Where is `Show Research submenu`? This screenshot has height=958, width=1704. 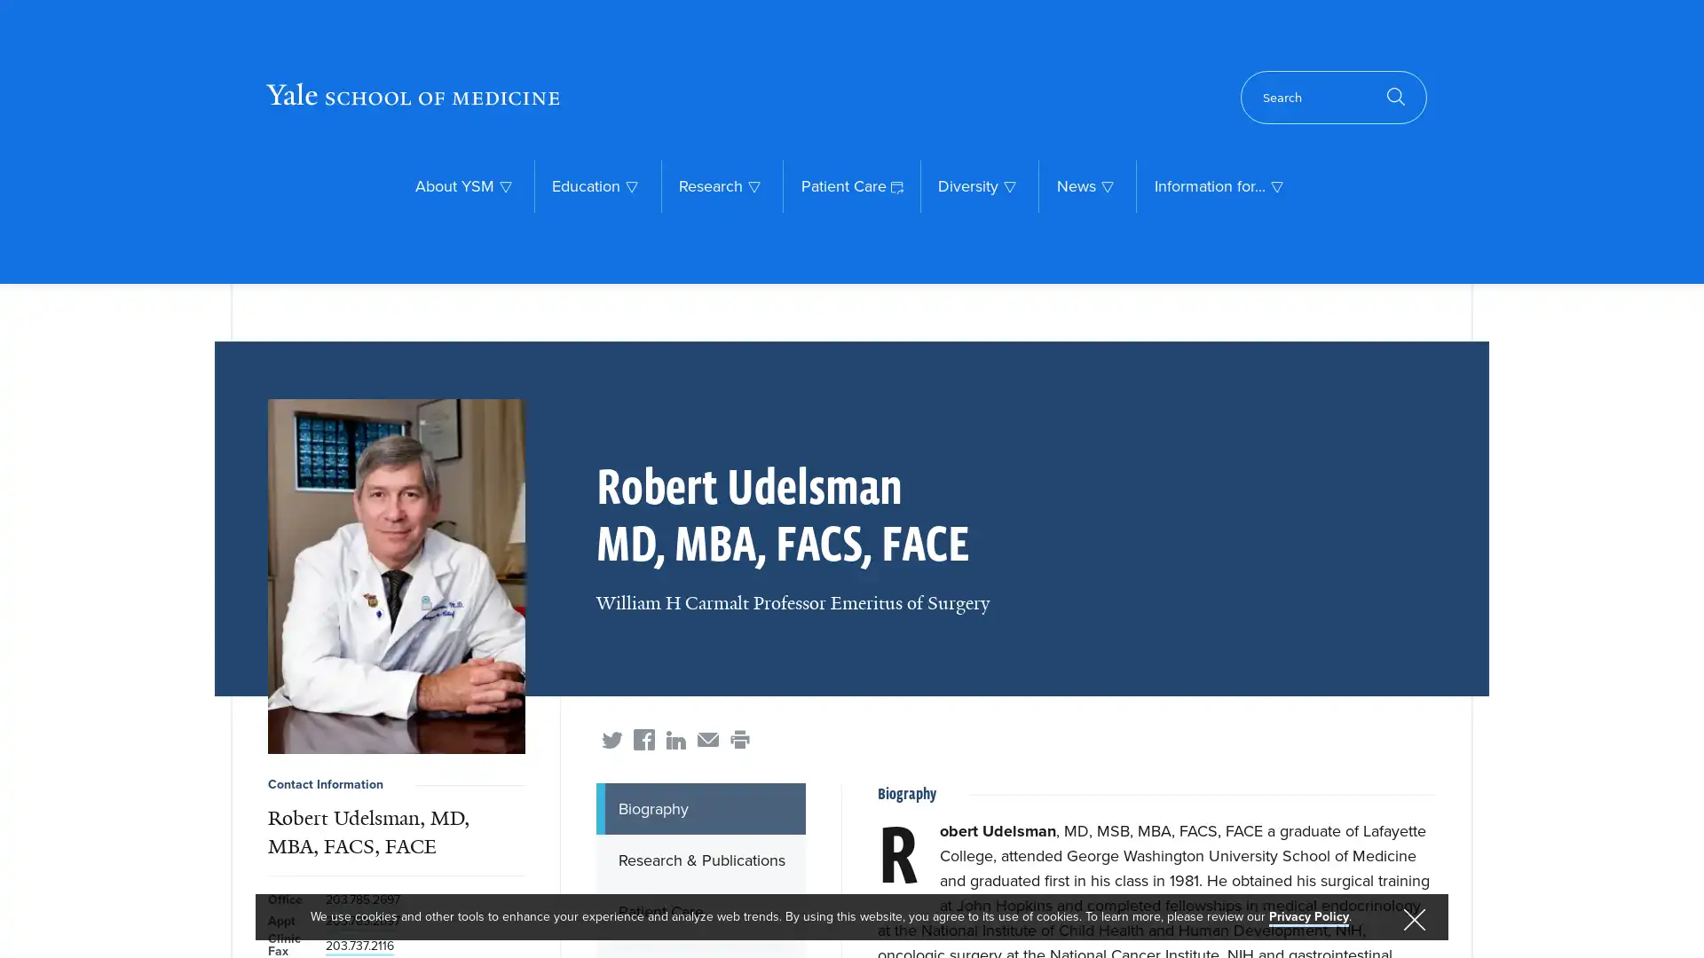
Show Research submenu is located at coordinates (753, 185).